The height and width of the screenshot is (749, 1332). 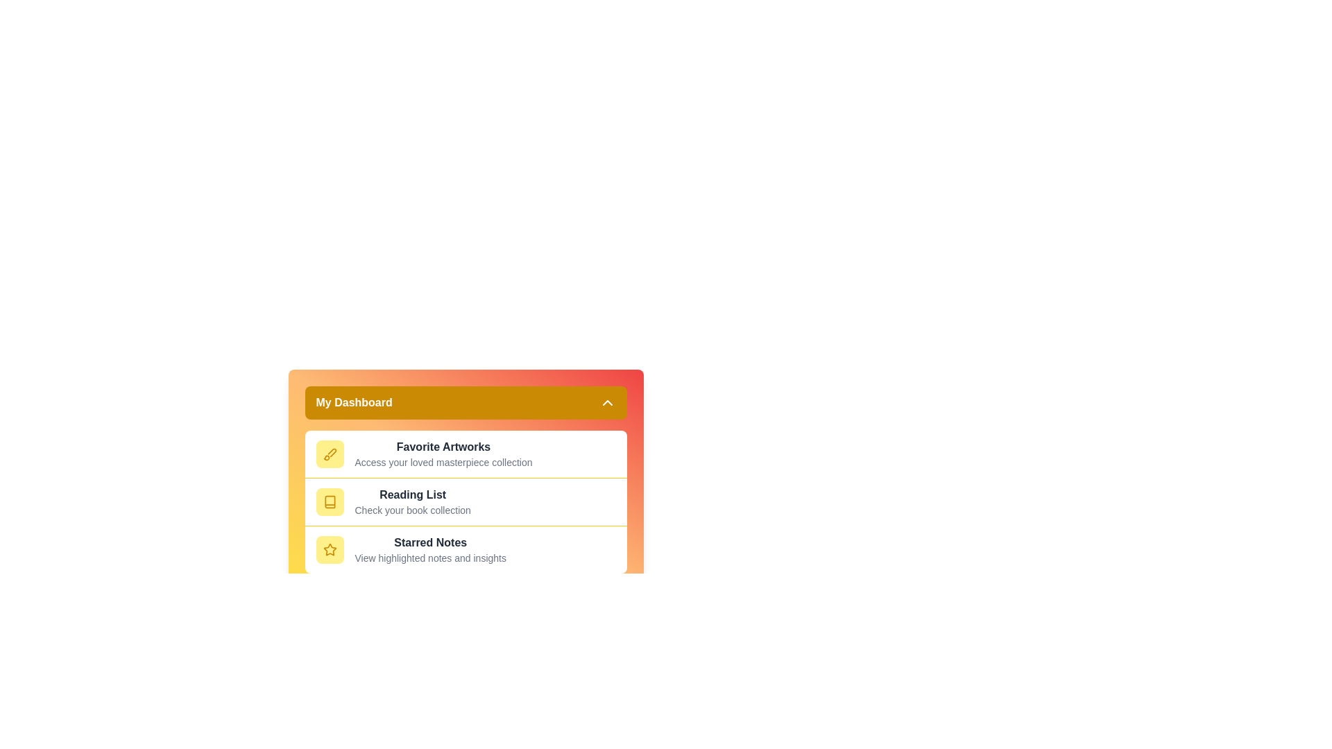 I want to click on the Menu panel located below the 'My Dashboard' header, which features three distinct list items with icons and text descriptions, so click(x=466, y=502).